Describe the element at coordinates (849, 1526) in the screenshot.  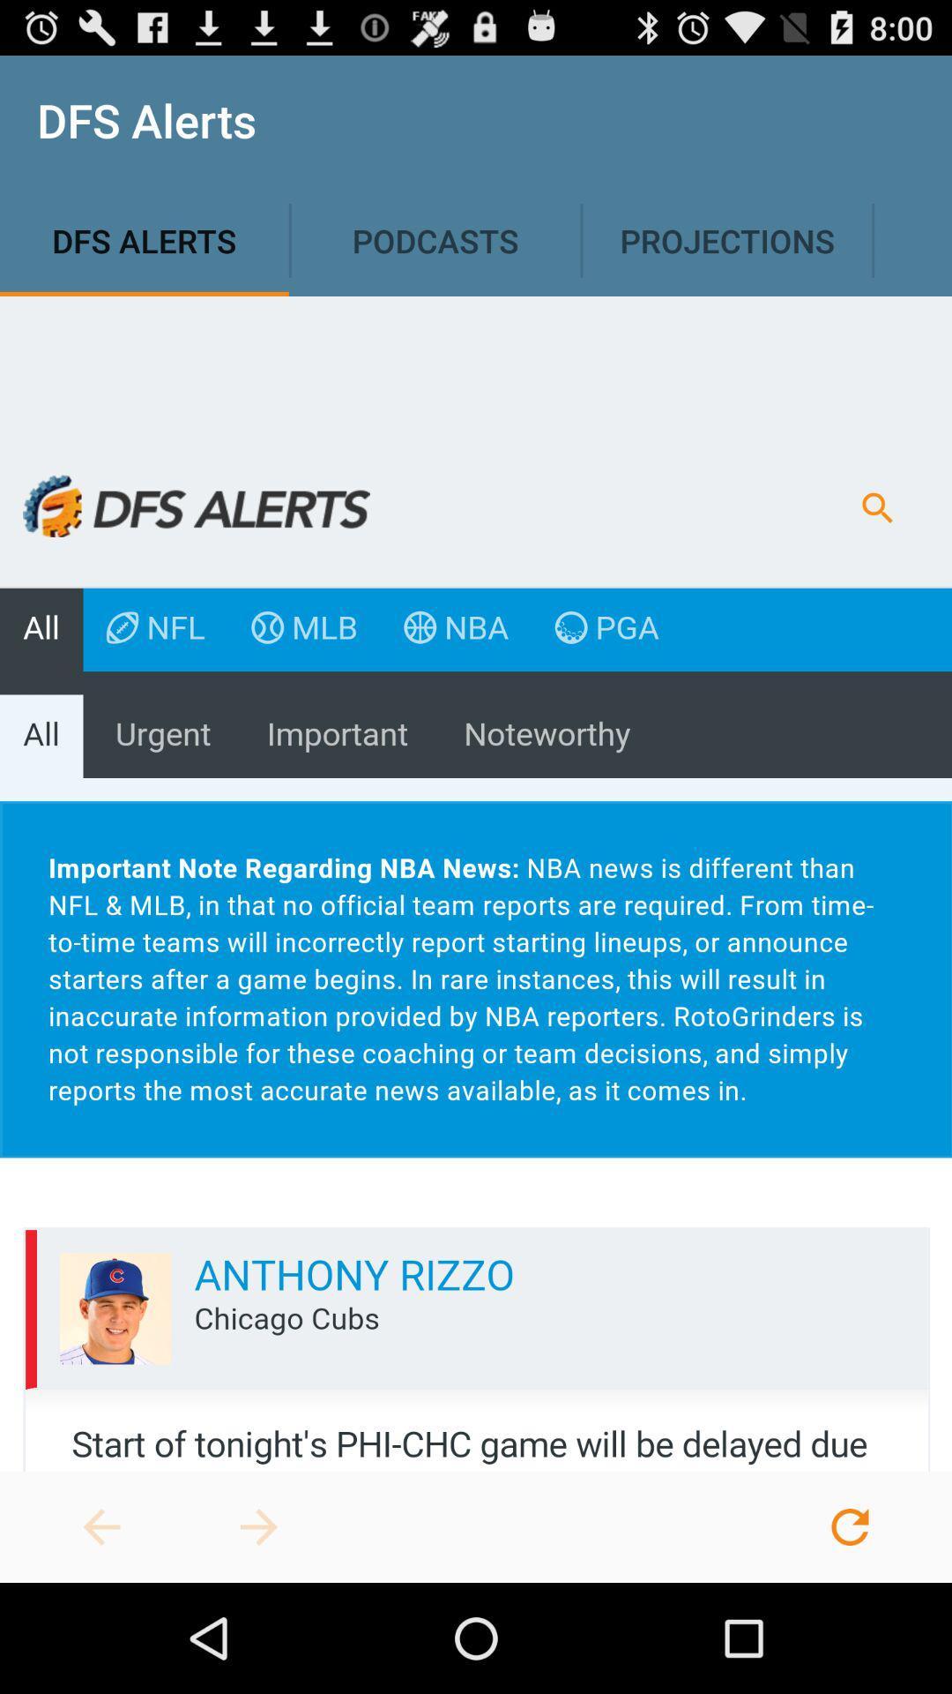
I see `refresh the page` at that location.